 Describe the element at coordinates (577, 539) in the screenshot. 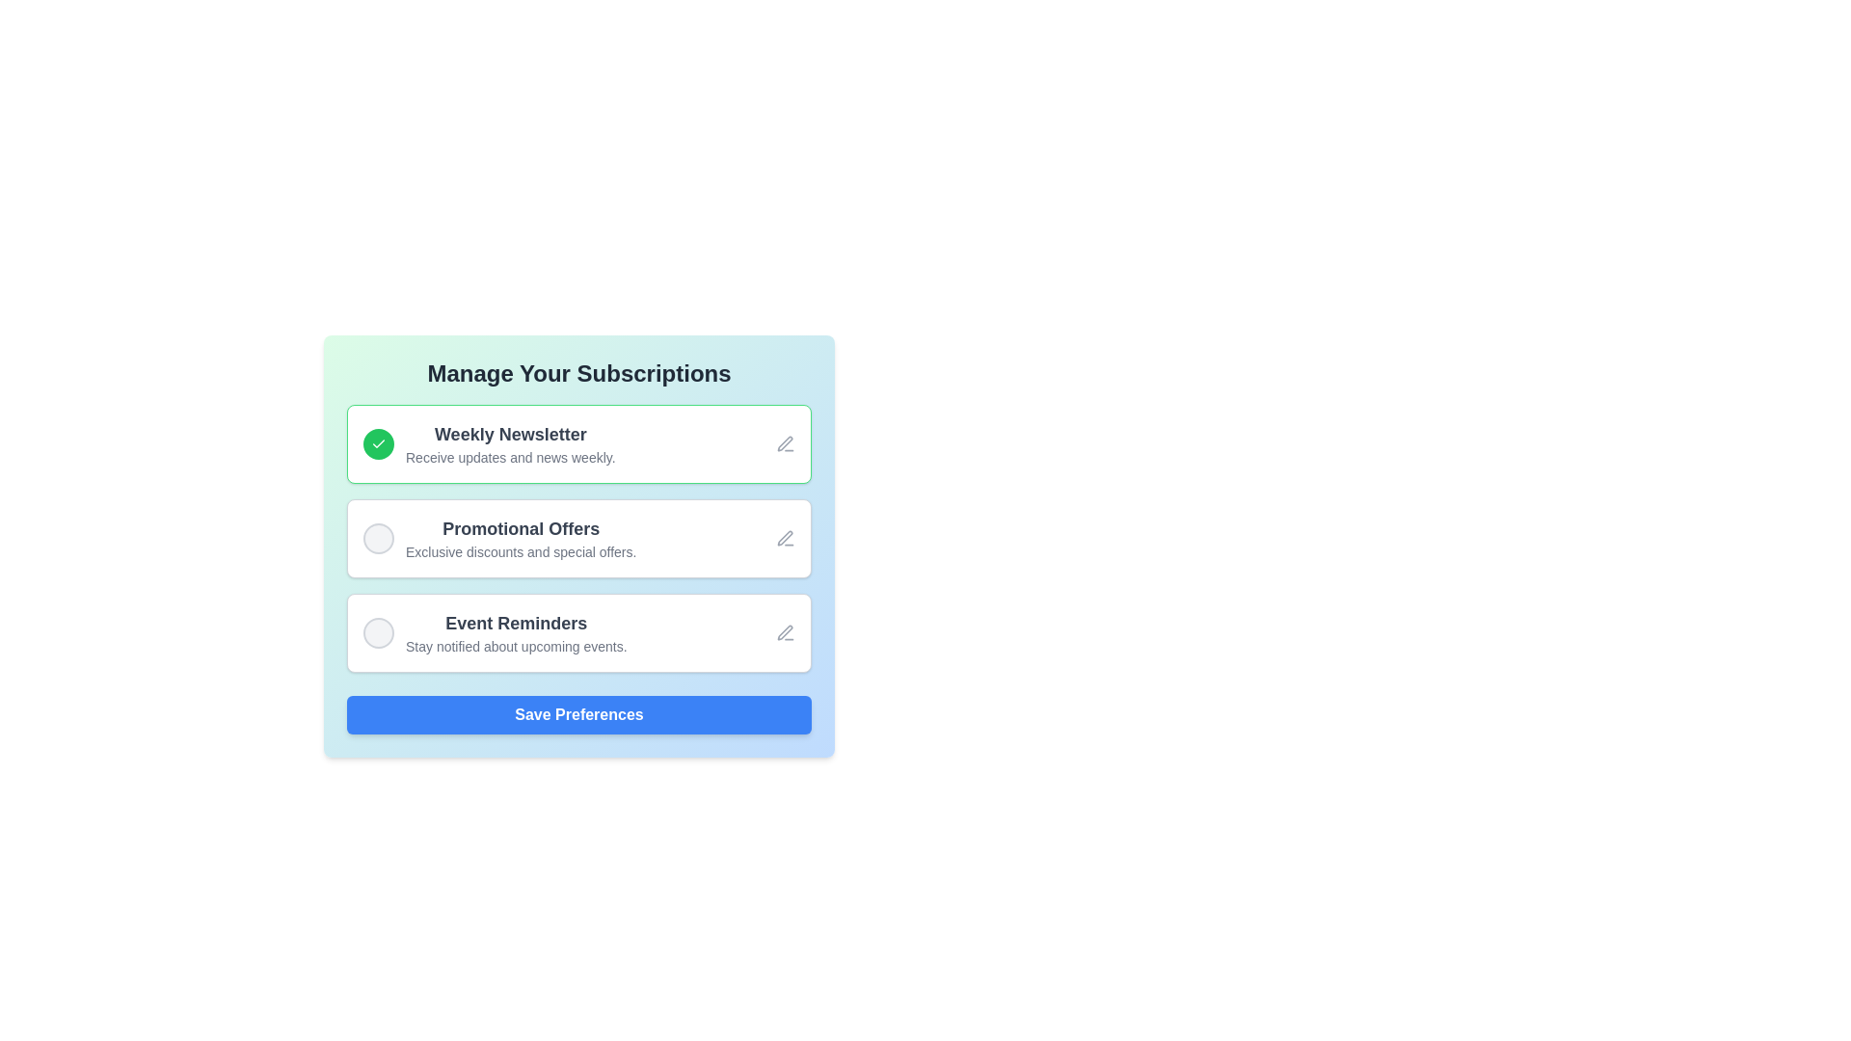

I see `the checkbox for the 'Promotional Offers' subscription option, which is the second item in the list within the 'Manage Your Subscriptions' card` at that location.